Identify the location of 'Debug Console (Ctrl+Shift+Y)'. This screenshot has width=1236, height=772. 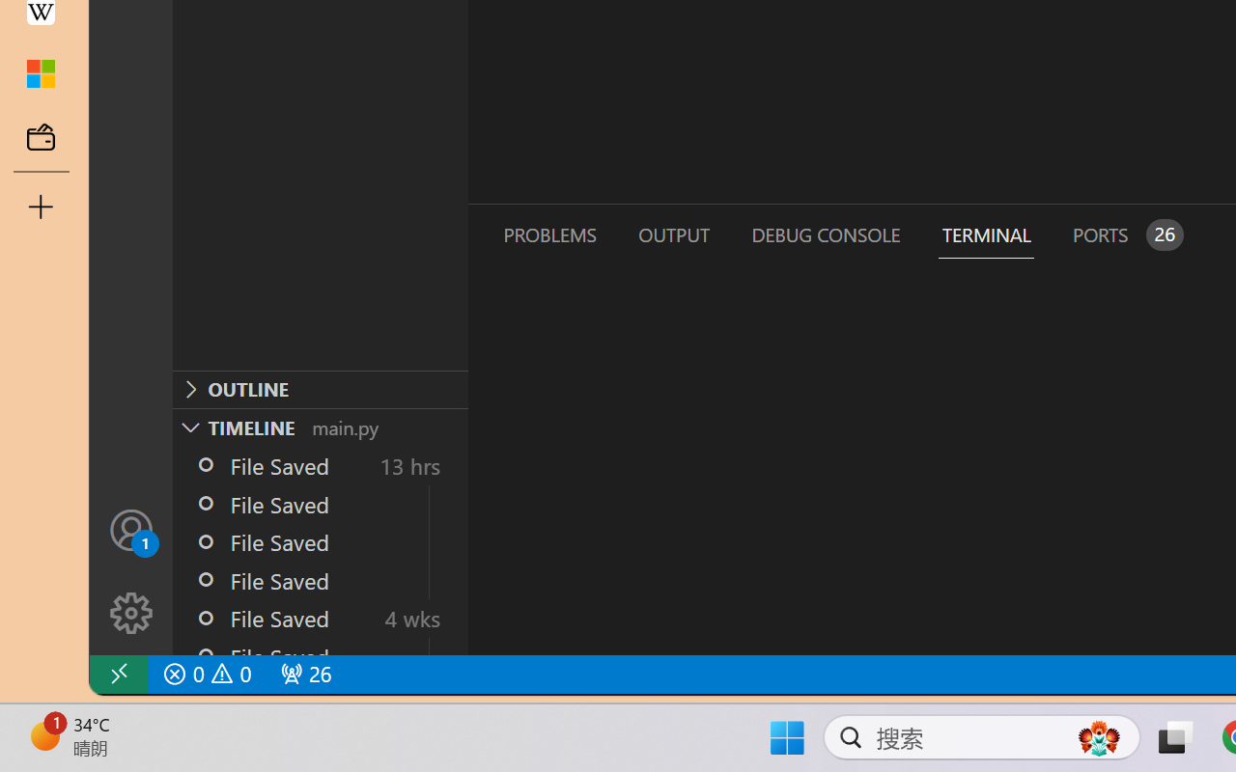
(825, 234).